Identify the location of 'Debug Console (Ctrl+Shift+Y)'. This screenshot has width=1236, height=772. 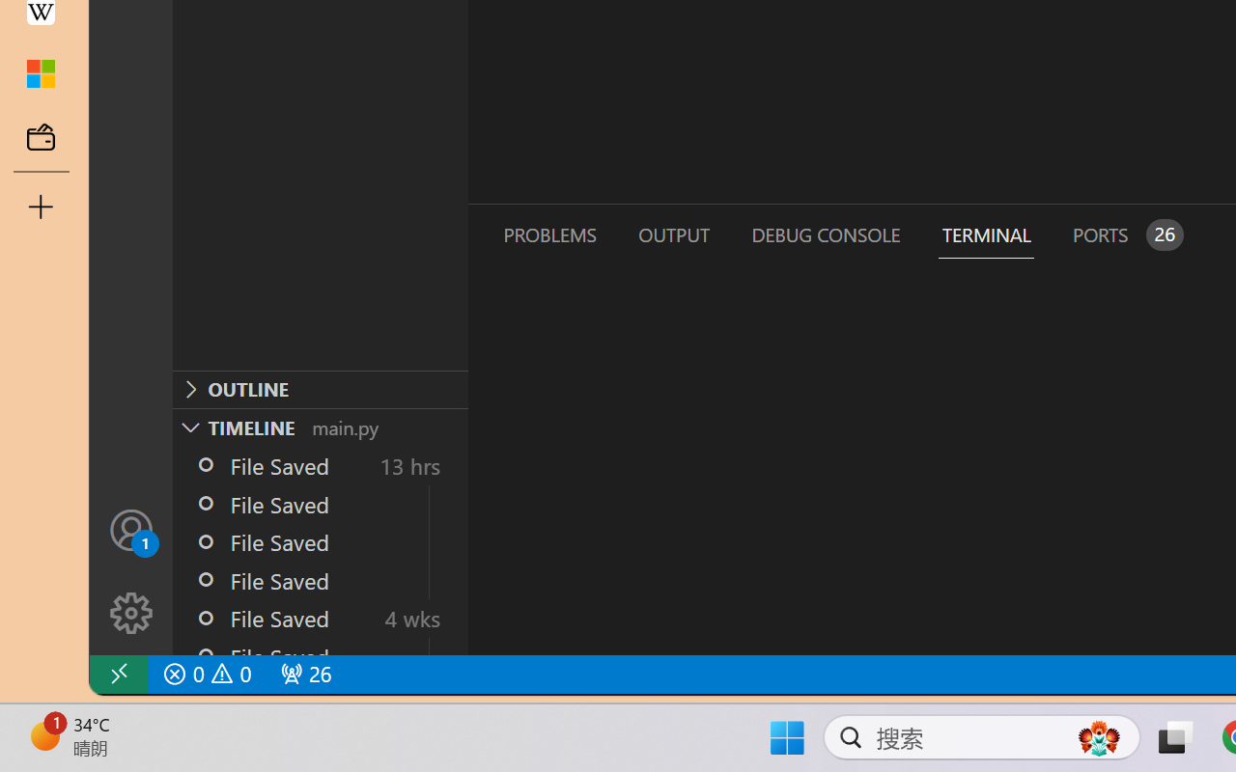
(825, 234).